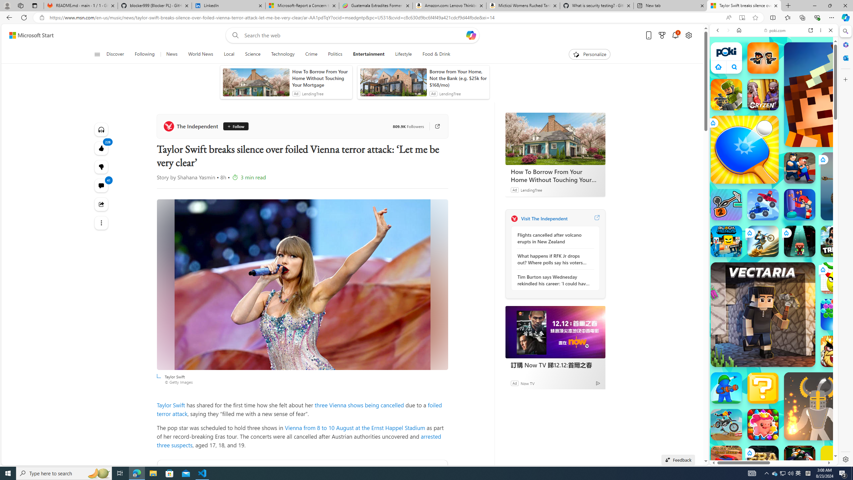 The width and height of the screenshot is (853, 480). Describe the element at coordinates (740, 321) in the screenshot. I see `'Hills of Steel Hills of Steel poki.com'` at that location.